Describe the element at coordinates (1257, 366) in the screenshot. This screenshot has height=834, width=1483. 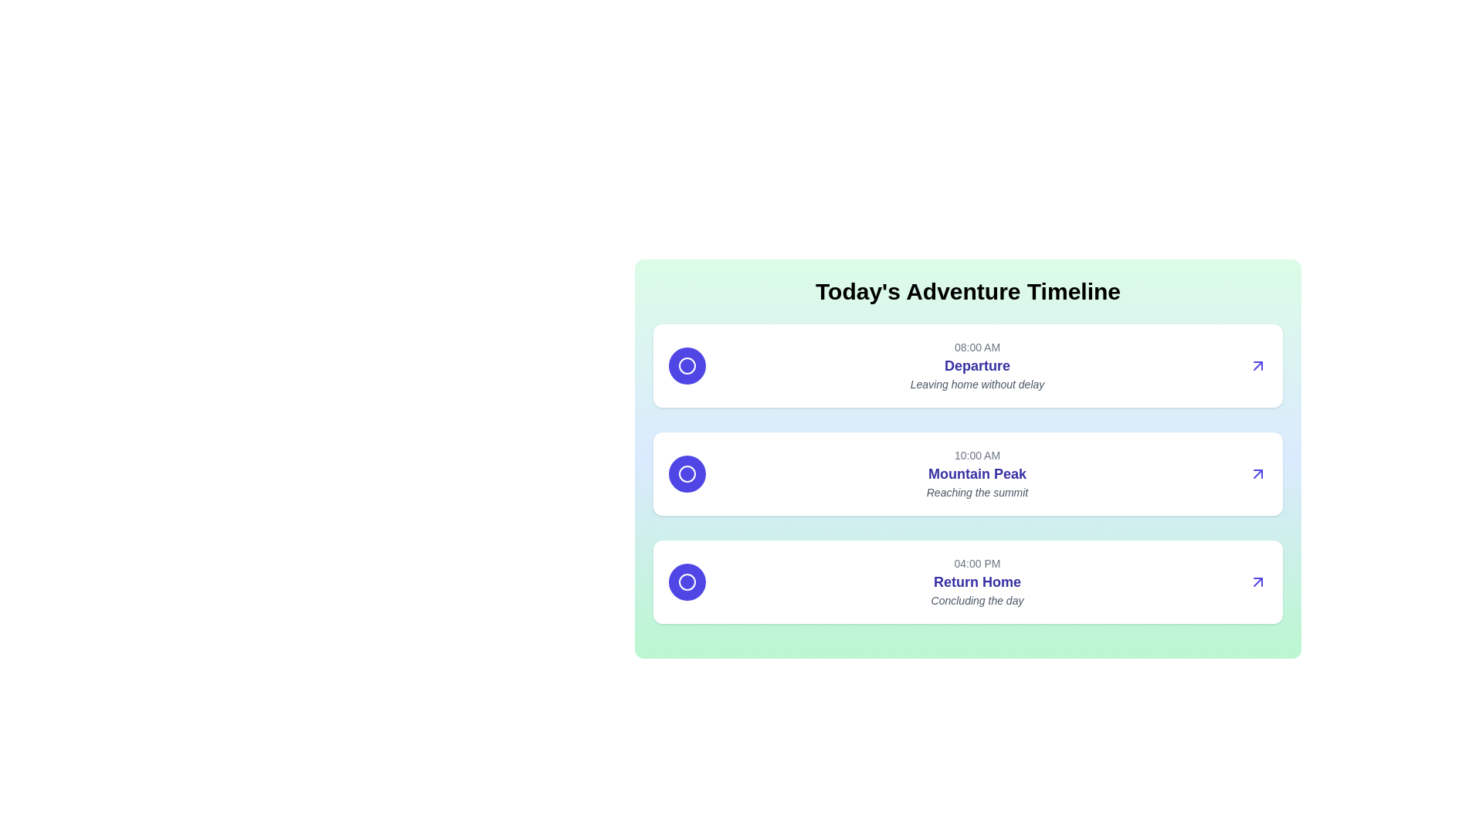
I see `the interactive icon located at the far-right edge of the 'Departure' section` at that location.